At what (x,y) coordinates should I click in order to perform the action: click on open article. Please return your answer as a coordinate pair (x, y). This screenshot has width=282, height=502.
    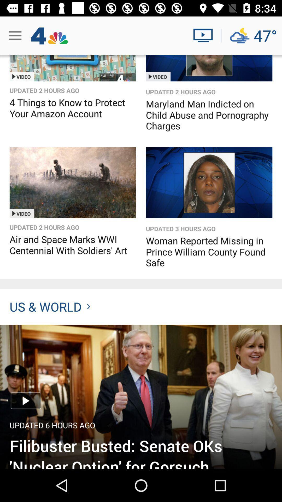
    Looking at the image, I should click on (141, 397).